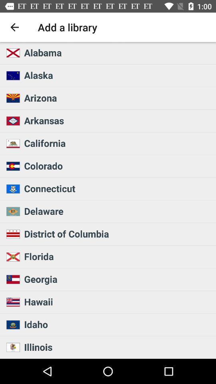  Describe the element at coordinates (117, 165) in the screenshot. I see `the icon above connecticut icon` at that location.